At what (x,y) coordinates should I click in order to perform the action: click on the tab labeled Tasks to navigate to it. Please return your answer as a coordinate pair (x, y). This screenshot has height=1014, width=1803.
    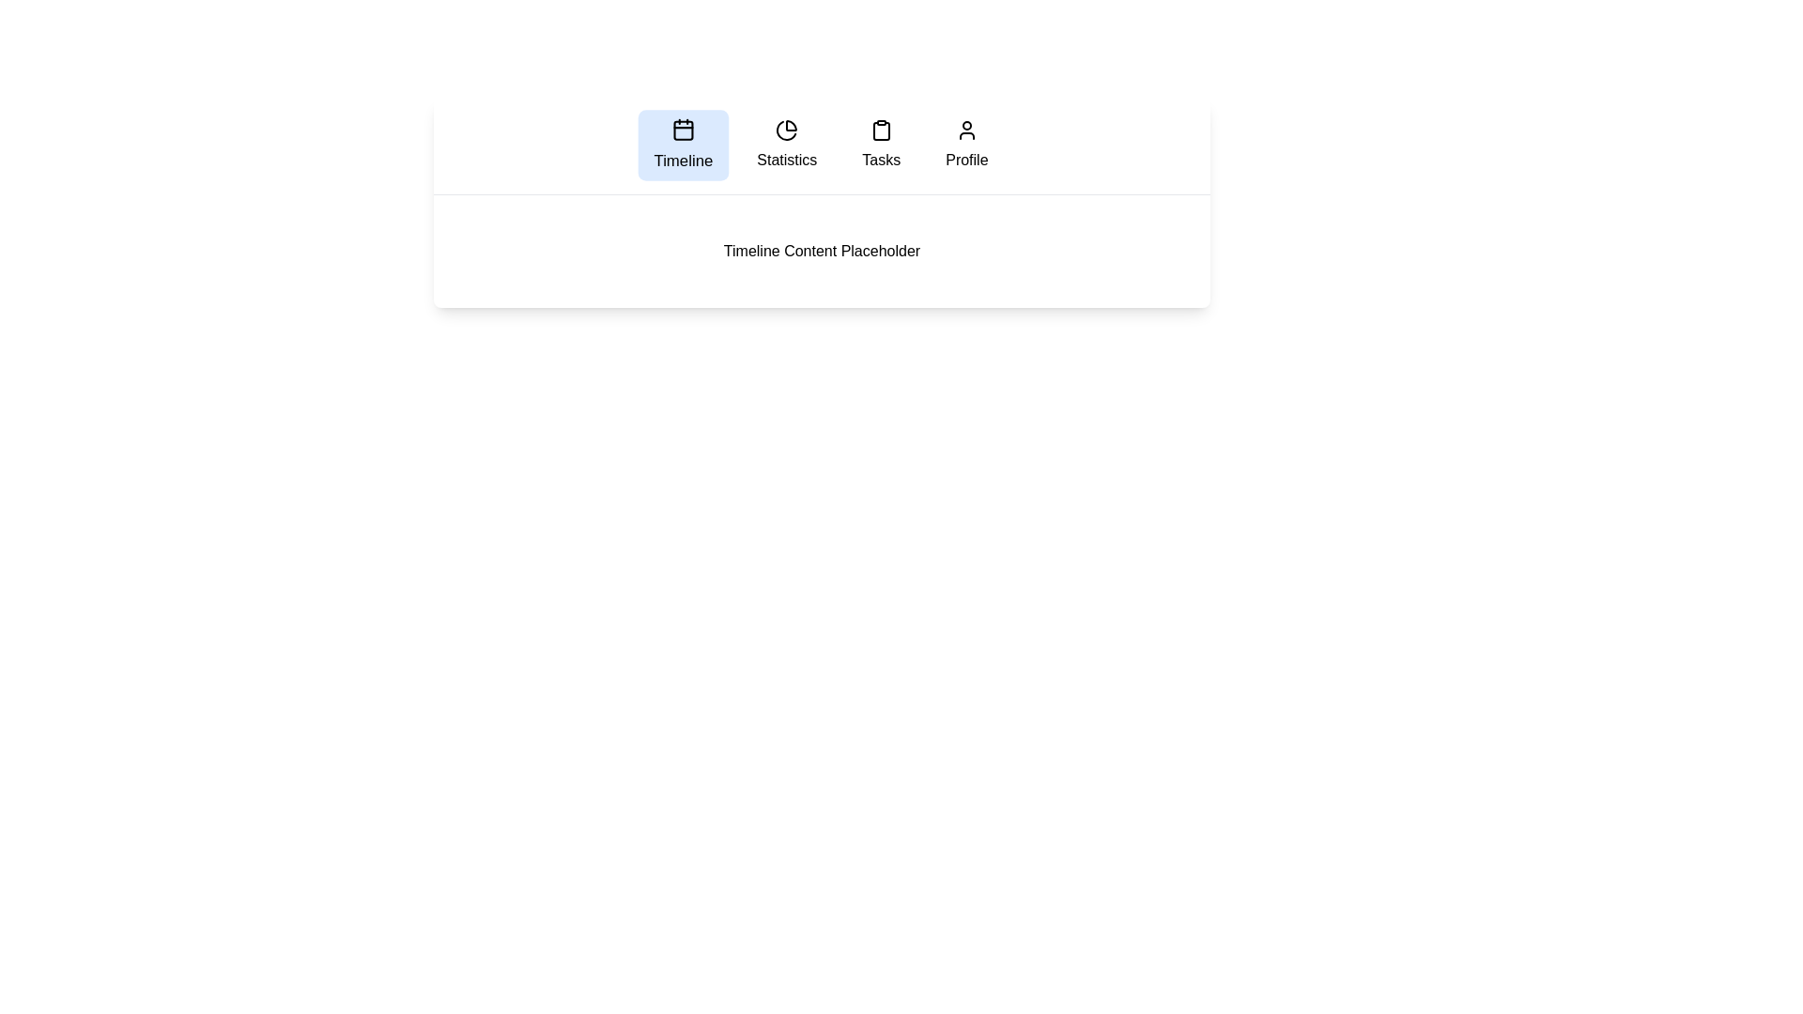
    Looking at the image, I should click on (880, 144).